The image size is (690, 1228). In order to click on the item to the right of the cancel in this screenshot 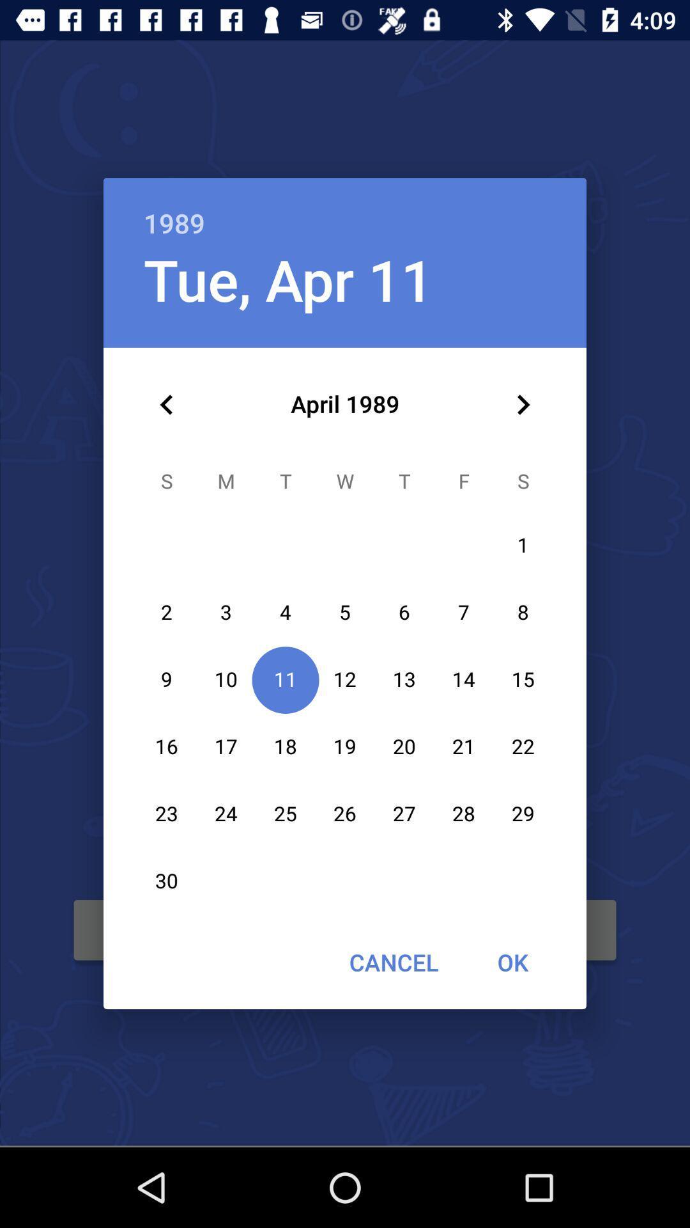, I will do `click(512, 962)`.